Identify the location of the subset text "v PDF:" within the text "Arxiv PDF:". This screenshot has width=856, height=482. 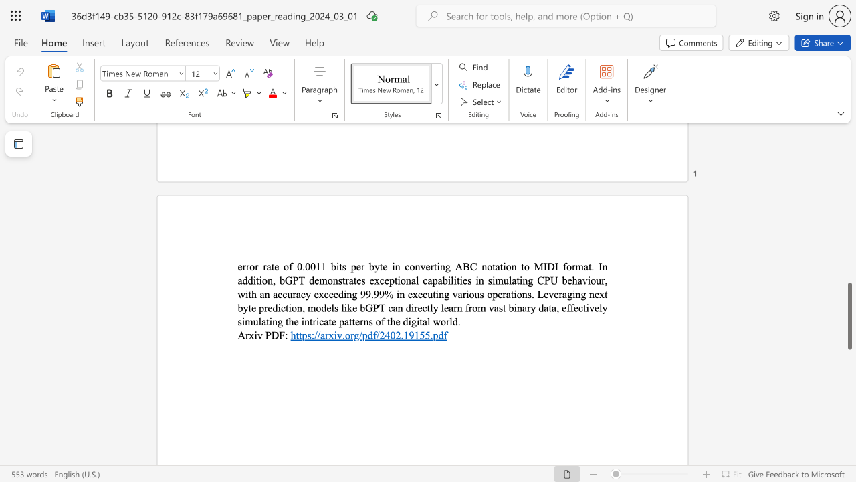
(257, 335).